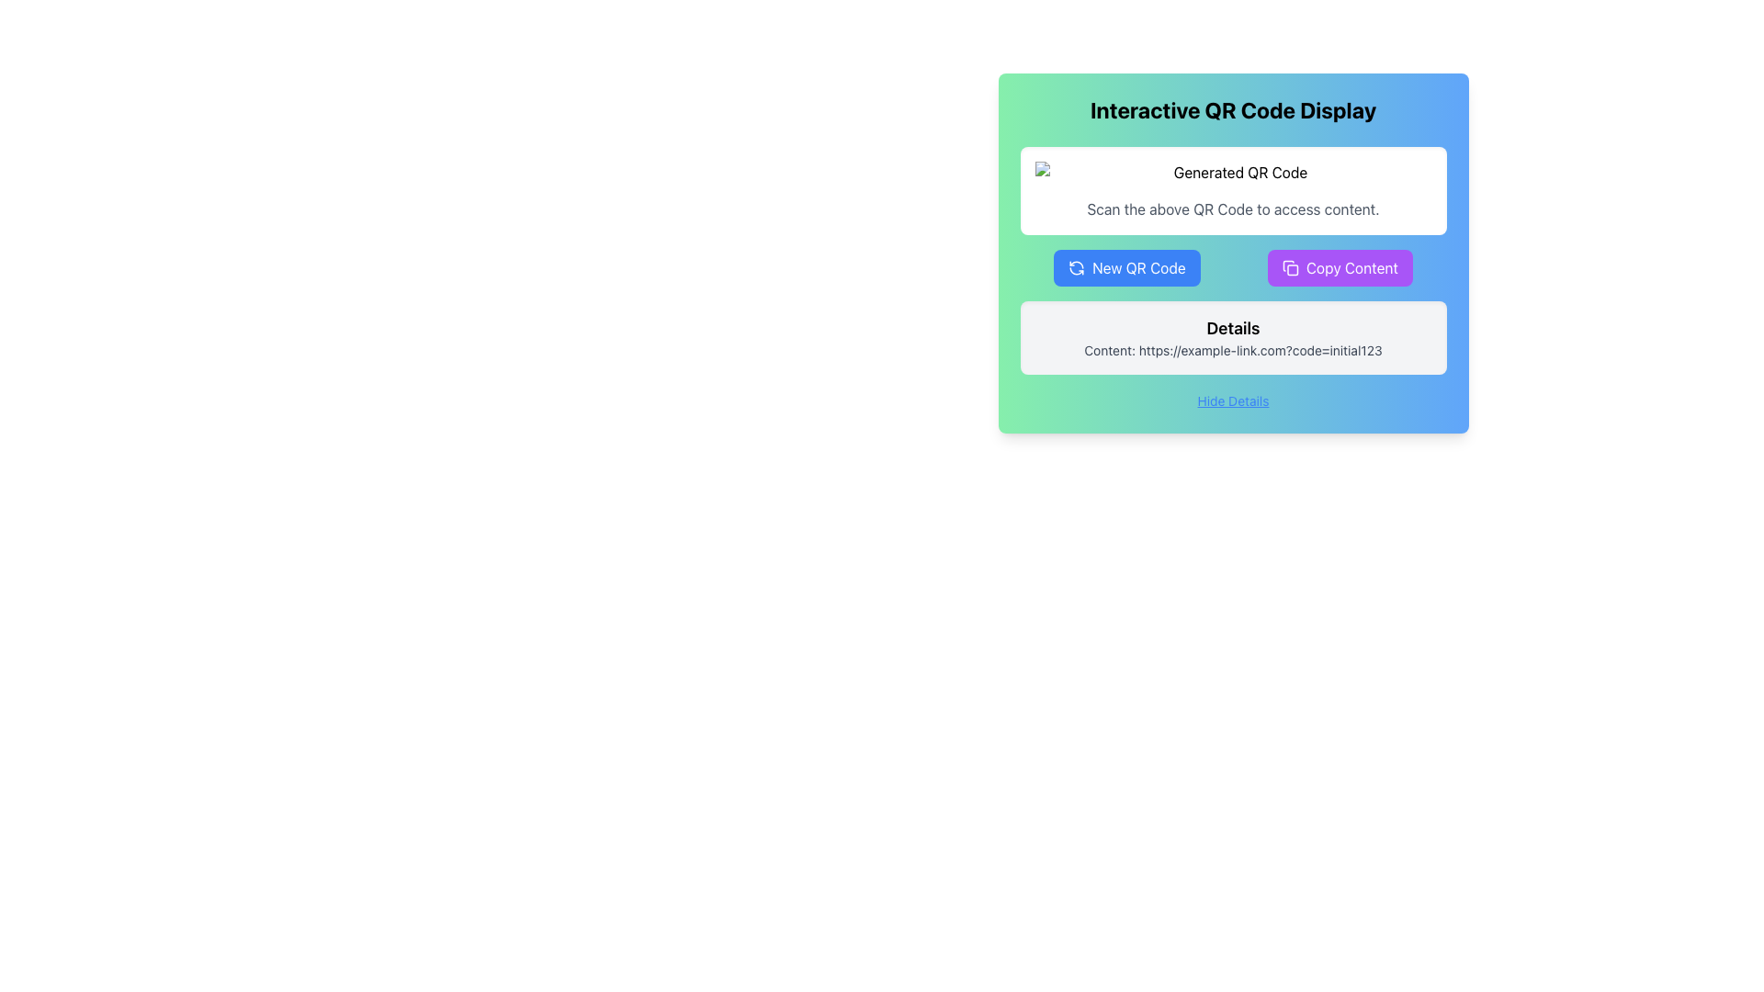 The image size is (1764, 992). What do you see at coordinates (1289, 268) in the screenshot?
I see `the 'Copy Content' button which contains the icon representing the copy functionality, located to the right of the 'New QR Code' button` at bounding box center [1289, 268].